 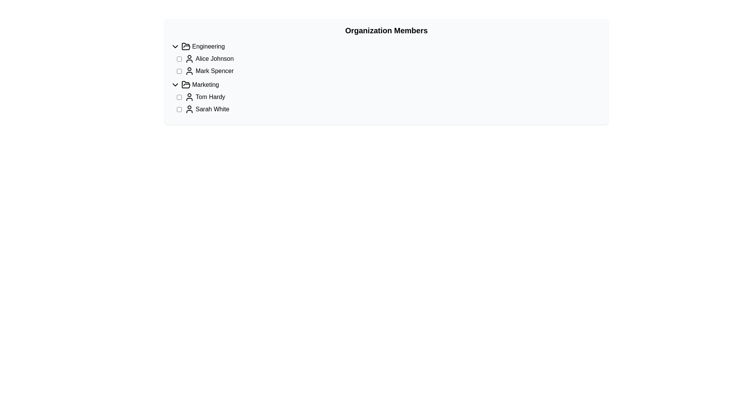 What do you see at coordinates (179, 59) in the screenshot?
I see `the checkbox` at bounding box center [179, 59].